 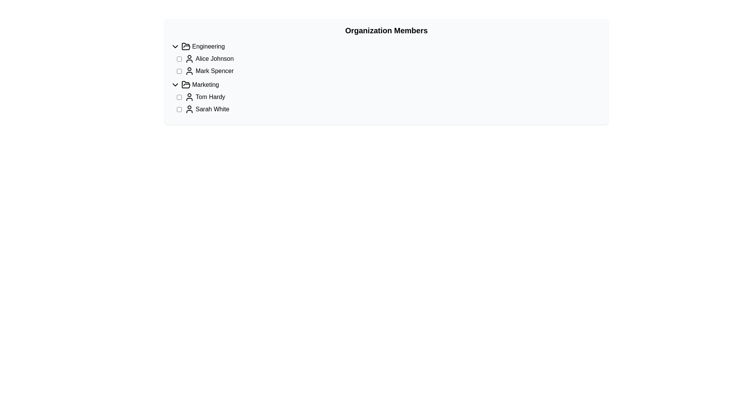 What do you see at coordinates (179, 59) in the screenshot?
I see `the checkbox` at bounding box center [179, 59].